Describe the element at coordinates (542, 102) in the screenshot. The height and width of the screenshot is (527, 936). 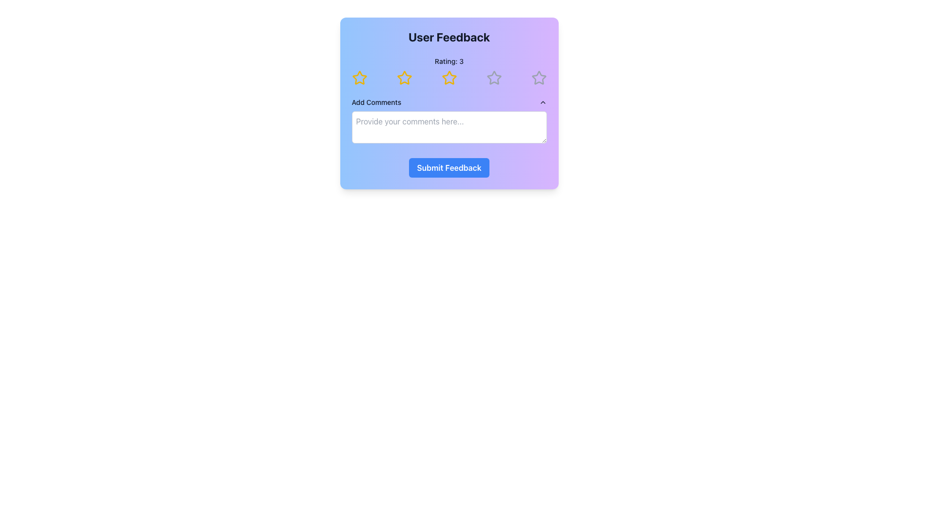
I see `the upward-facing chevron icon located at the upper-right corner of the 'Add Comments' text field` at that location.